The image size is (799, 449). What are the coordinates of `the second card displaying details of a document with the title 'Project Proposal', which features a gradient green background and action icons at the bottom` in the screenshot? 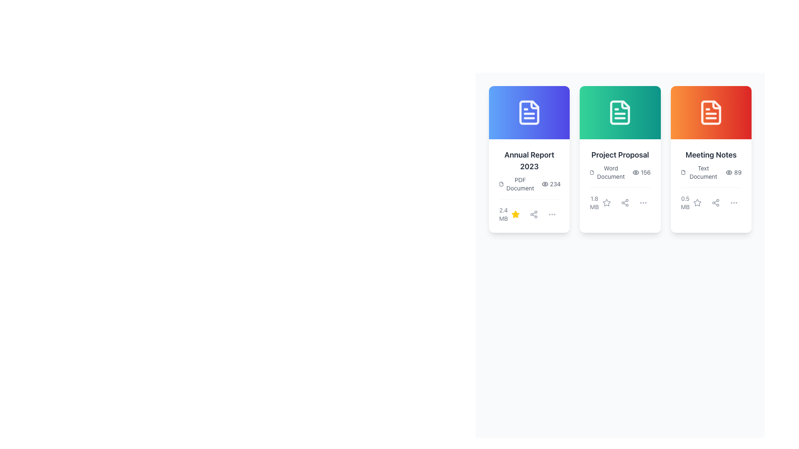 It's located at (620, 159).